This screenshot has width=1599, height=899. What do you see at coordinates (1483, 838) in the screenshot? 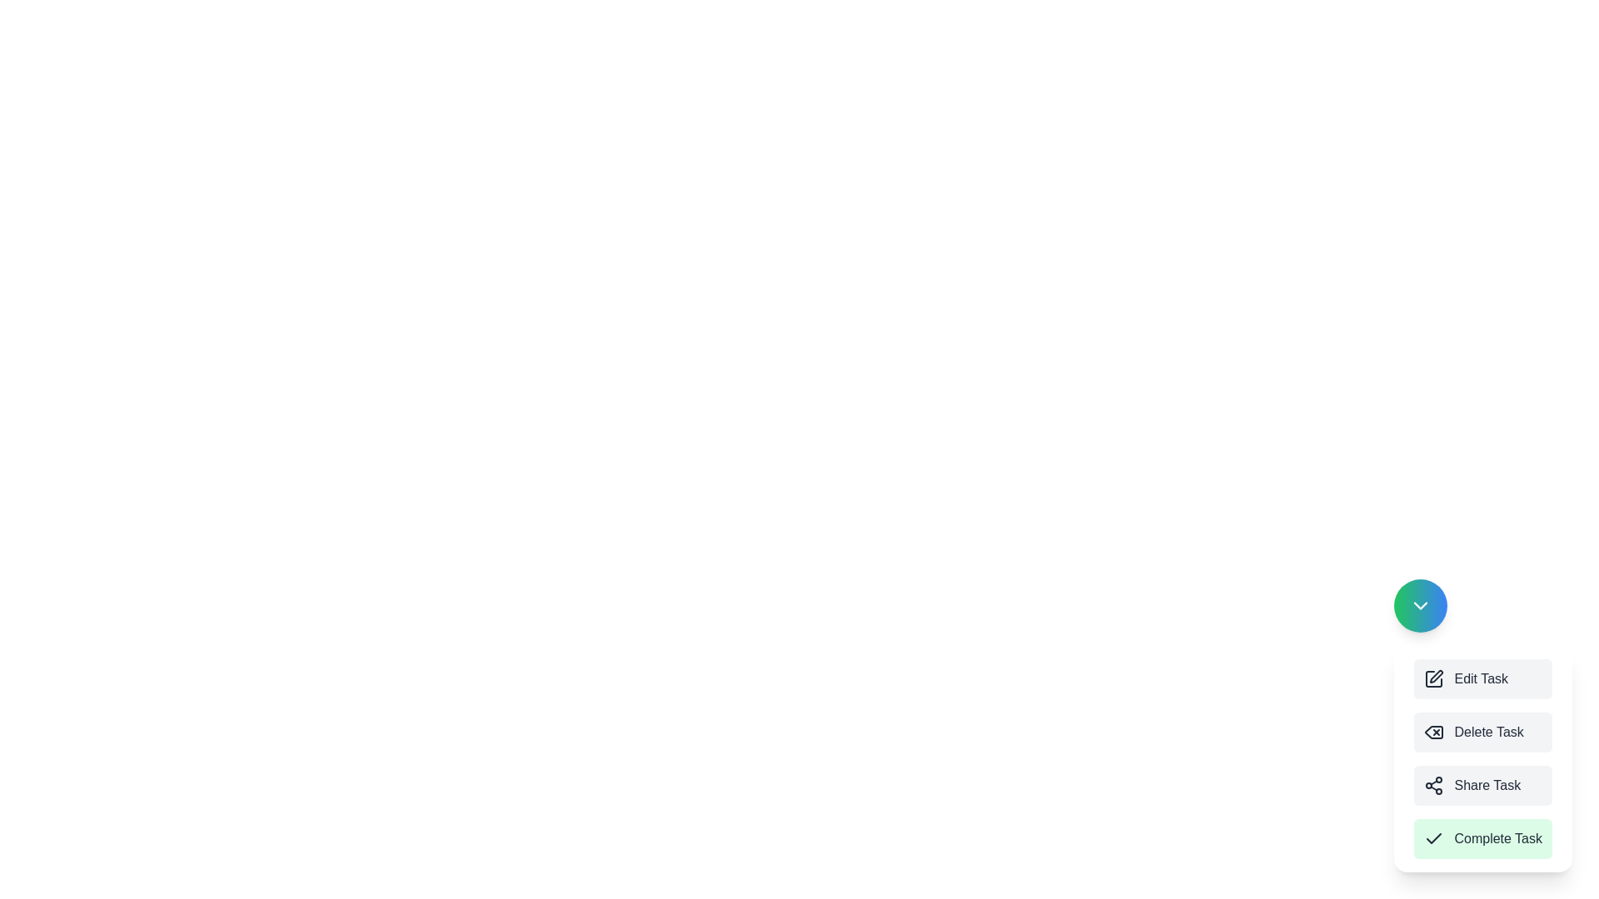
I see `the button labeled Complete Task to observe the hover effect` at bounding box center [1483, 838].